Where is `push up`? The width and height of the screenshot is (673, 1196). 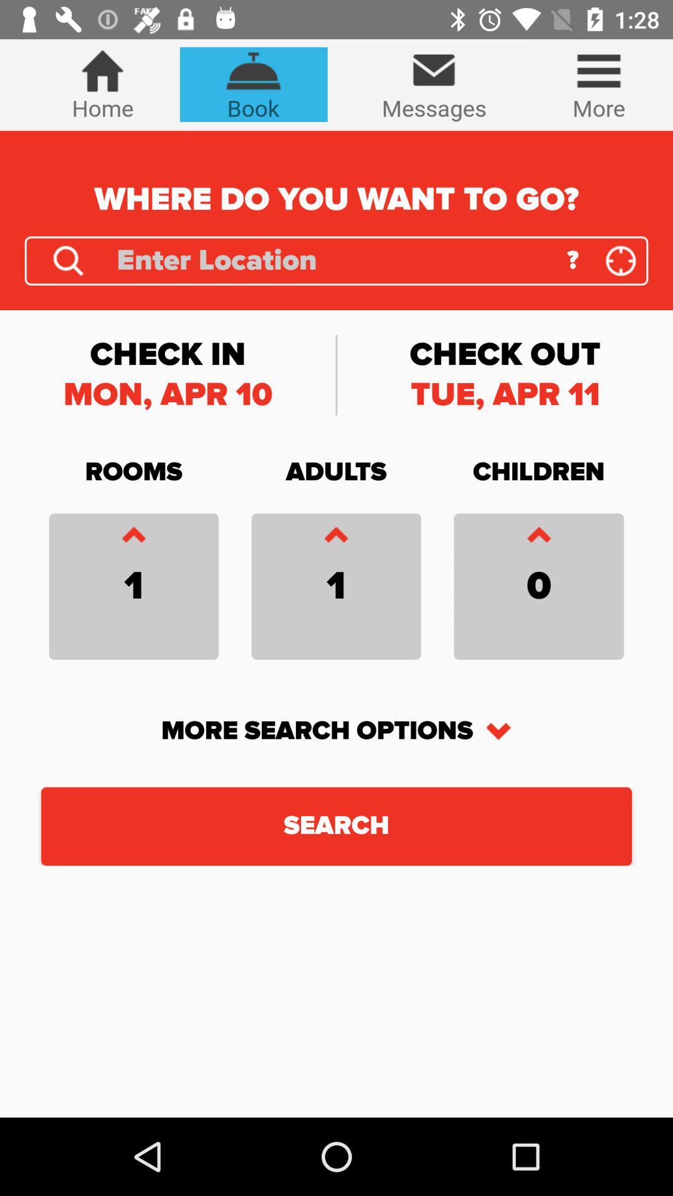 push up is located at coordinates (133, 538).